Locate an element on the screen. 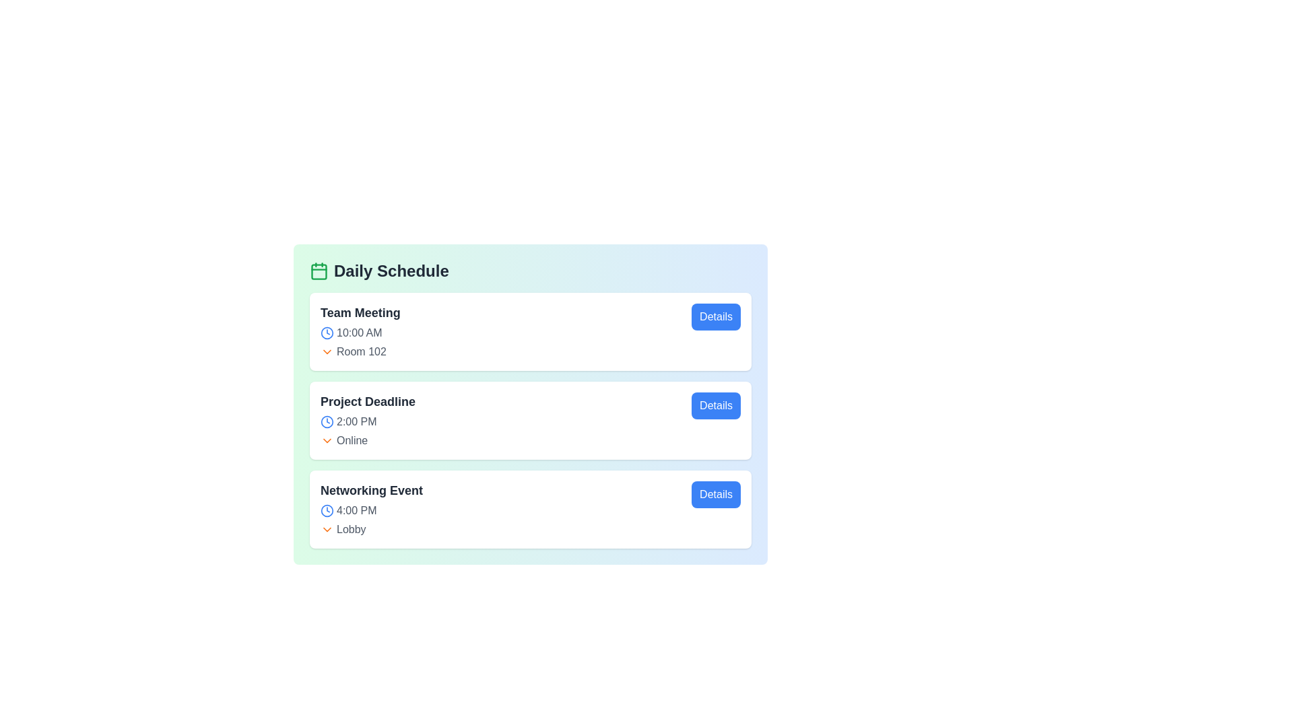 This screenshot has height=727, width=1293. the SVG Circle icon representing the time for the Team Meeting at 10:00 AM in the Daily Schedule card is located at coordinates (327, 333).